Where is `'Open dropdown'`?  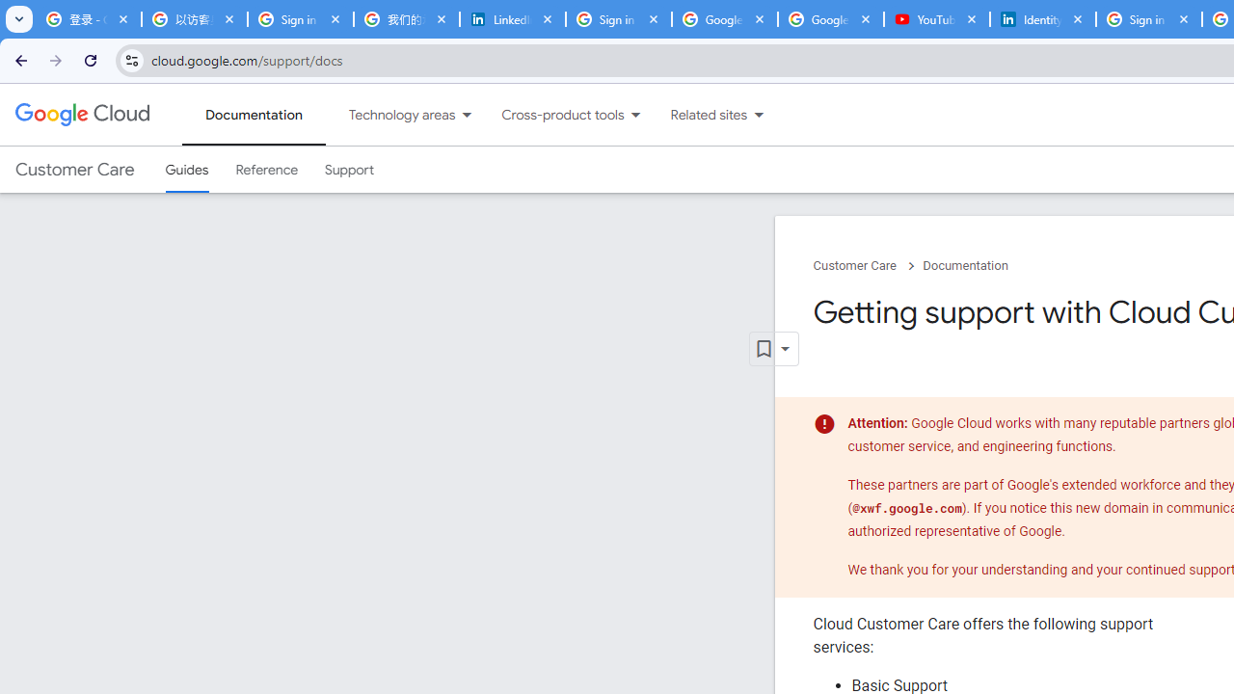 'Open dropdown' is located at coordinates (773, 349).